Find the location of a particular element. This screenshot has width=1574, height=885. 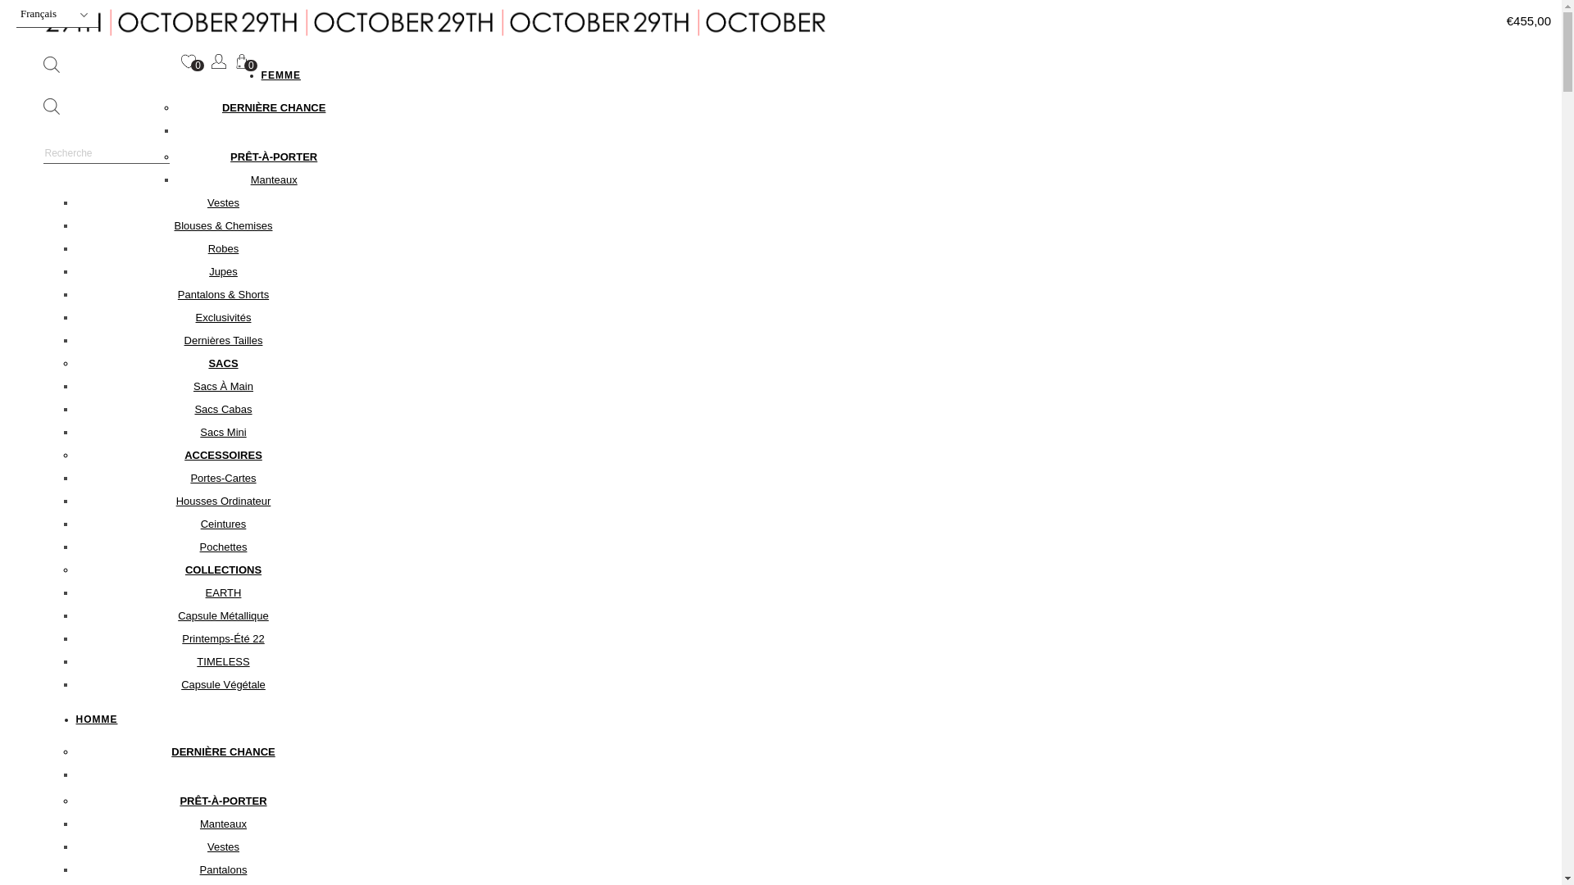

'Sacs Mini' is located at coordinates (222, 431).